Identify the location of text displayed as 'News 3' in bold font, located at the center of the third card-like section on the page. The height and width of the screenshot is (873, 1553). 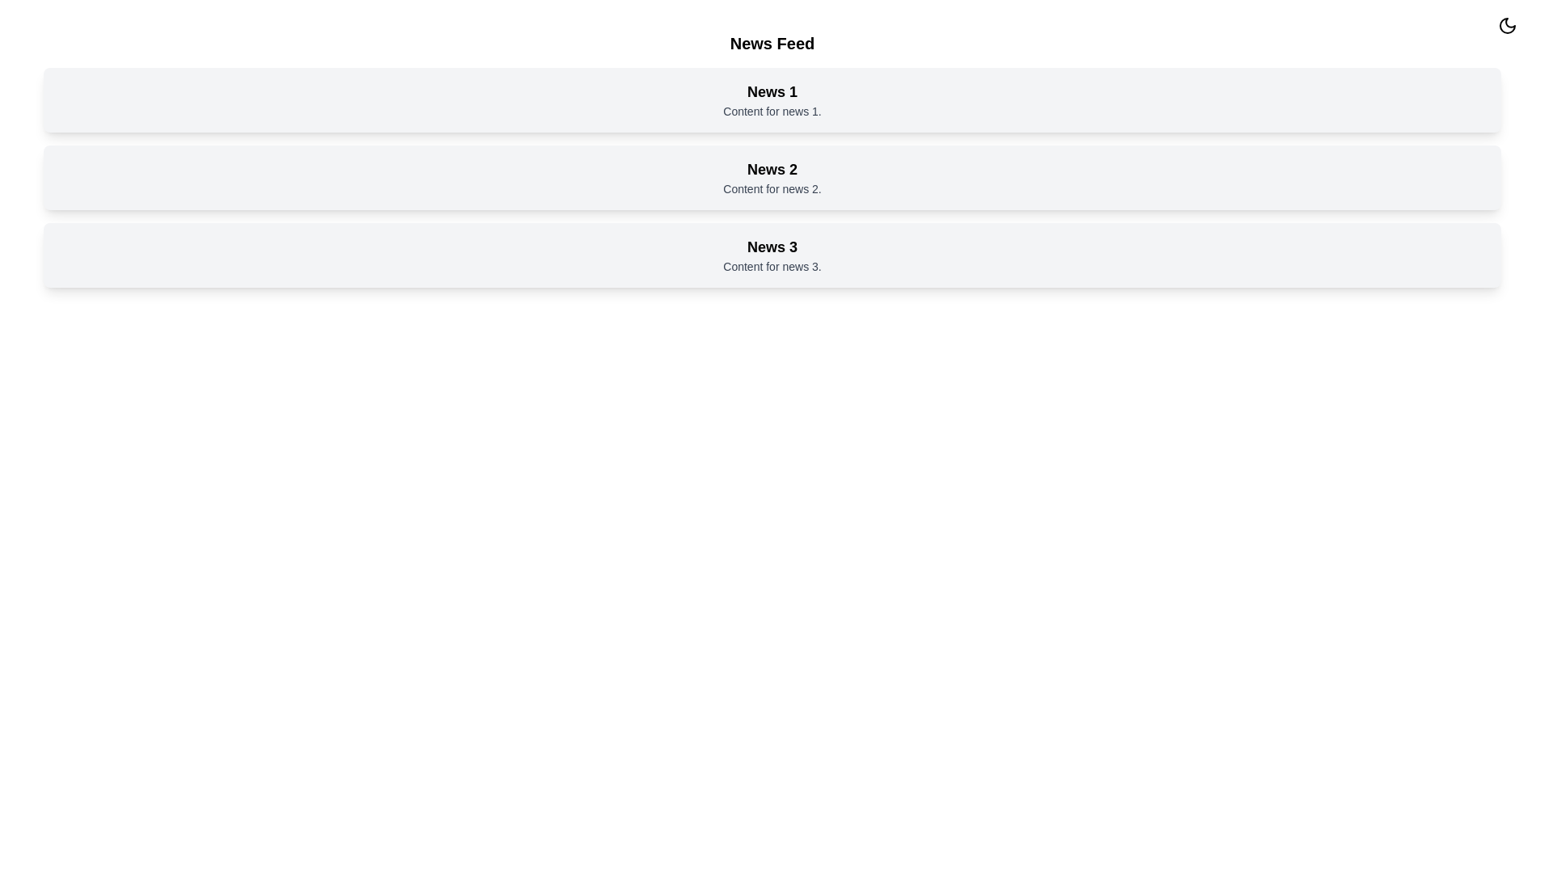
(772, 247).